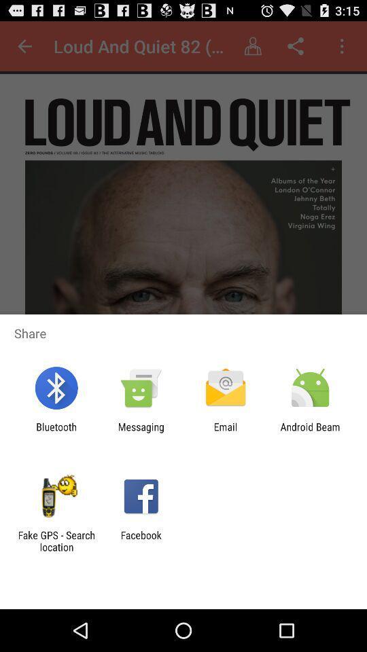  Describe the element at coordinates (226, 432) in the screenshot. I see `the item to the right of the messaging` at that location.